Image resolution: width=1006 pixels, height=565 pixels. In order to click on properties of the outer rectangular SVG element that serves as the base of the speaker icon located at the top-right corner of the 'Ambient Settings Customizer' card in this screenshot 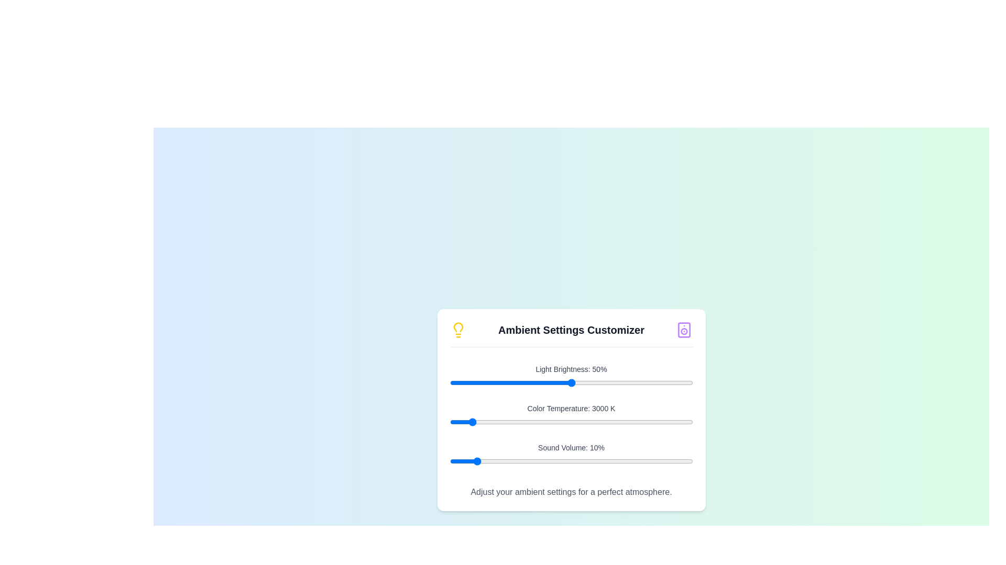, I will do `click(684, 330)`.